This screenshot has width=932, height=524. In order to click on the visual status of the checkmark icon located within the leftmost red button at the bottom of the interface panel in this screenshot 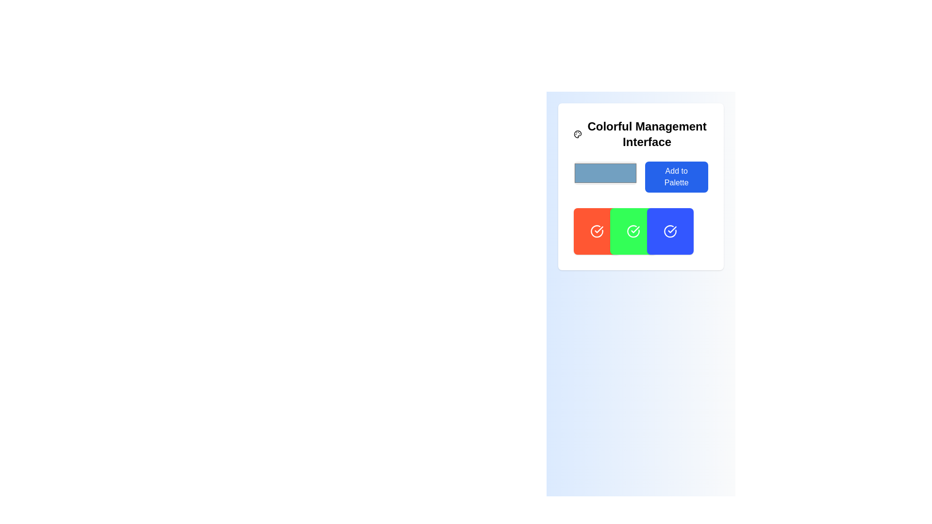, I will do `click(598, 229)`.